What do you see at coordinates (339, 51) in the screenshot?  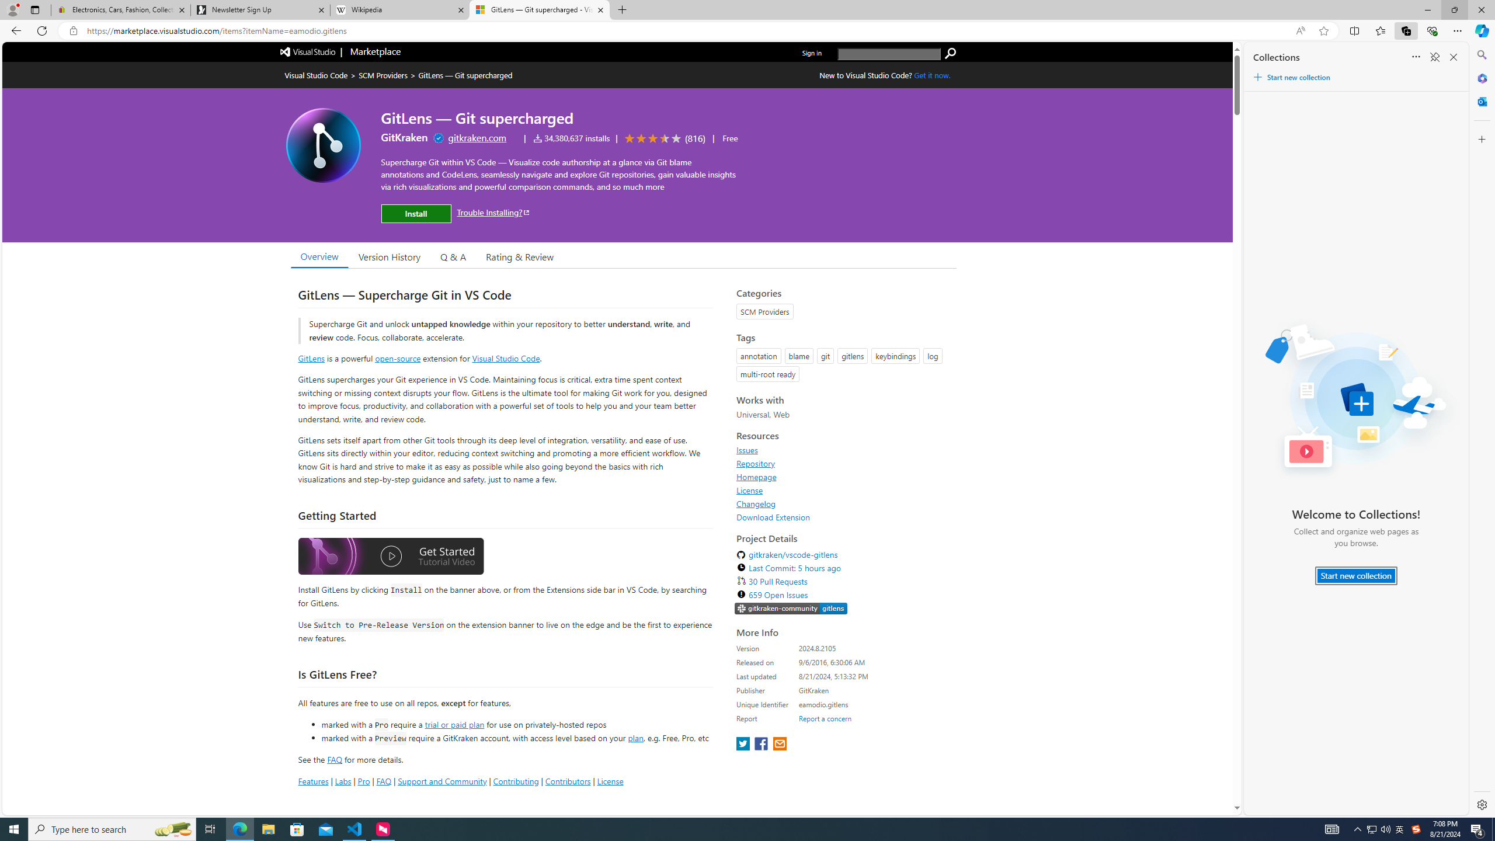 I see `'Visual Studio logo Marketplace logo'` at bounding box center [339, 51].